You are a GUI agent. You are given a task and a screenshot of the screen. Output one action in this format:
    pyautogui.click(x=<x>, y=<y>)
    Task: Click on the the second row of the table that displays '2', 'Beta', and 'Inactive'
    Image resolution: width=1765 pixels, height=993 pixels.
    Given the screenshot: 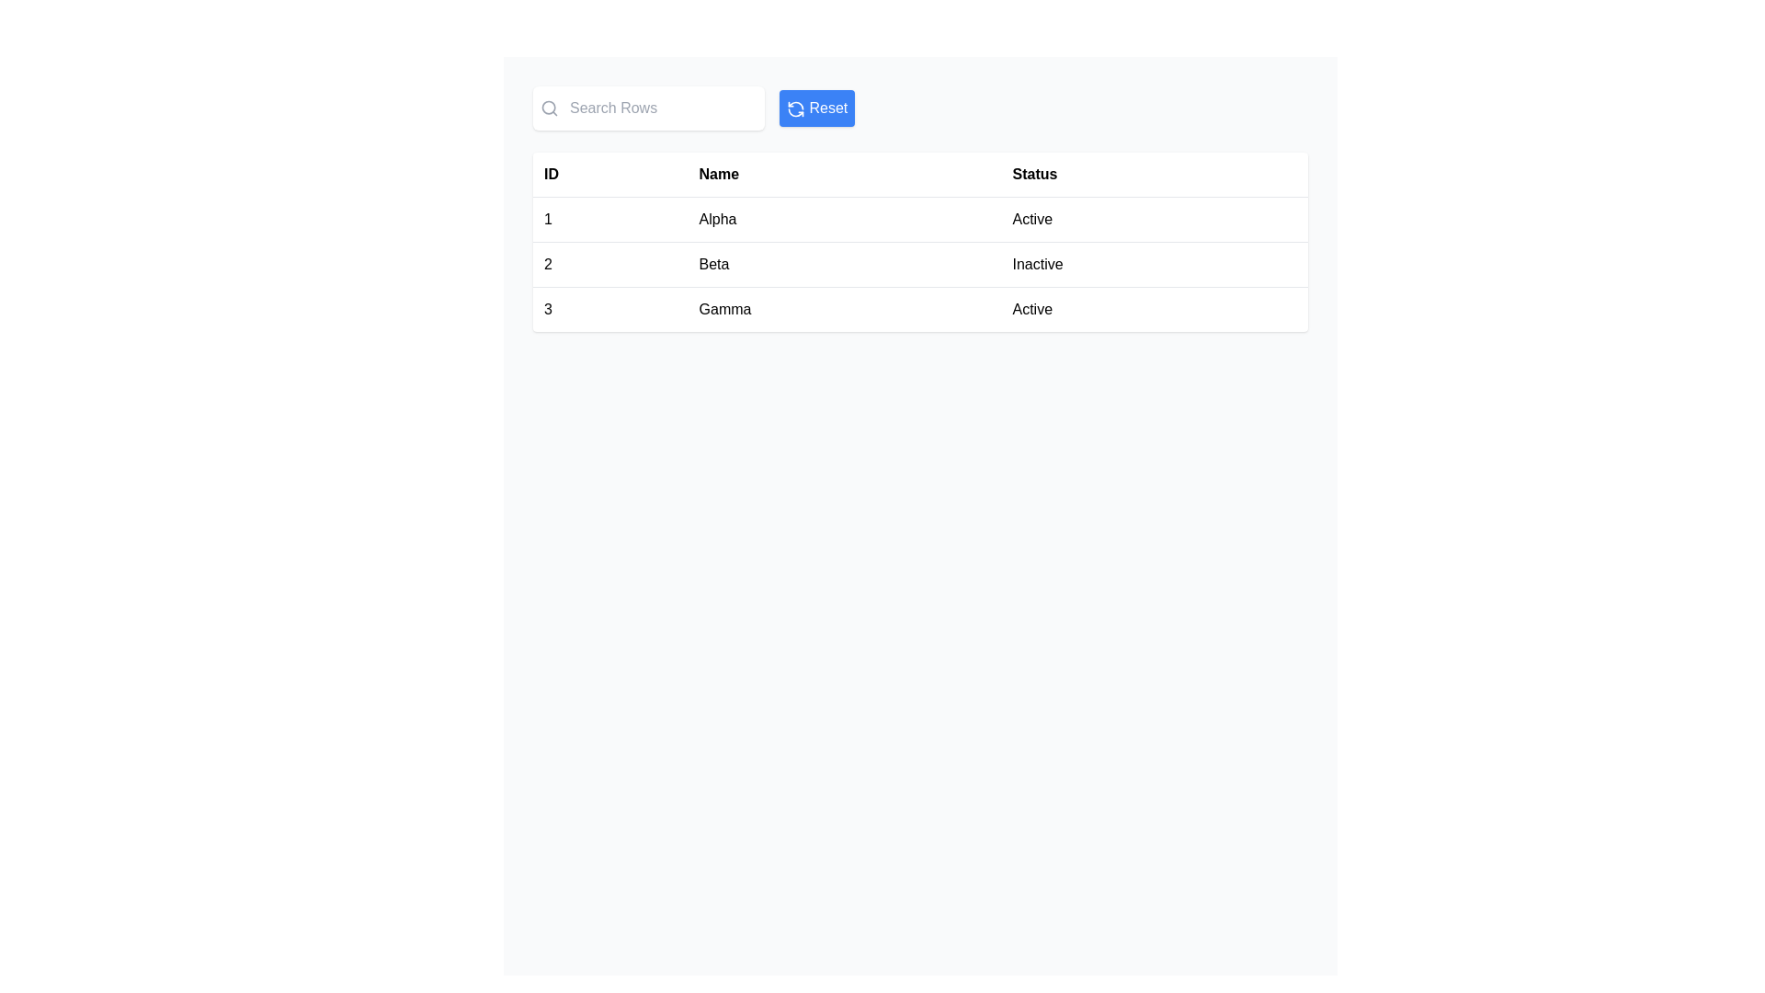 What is the action you would take?
    pyautogui.click(x=920, y=265)
    